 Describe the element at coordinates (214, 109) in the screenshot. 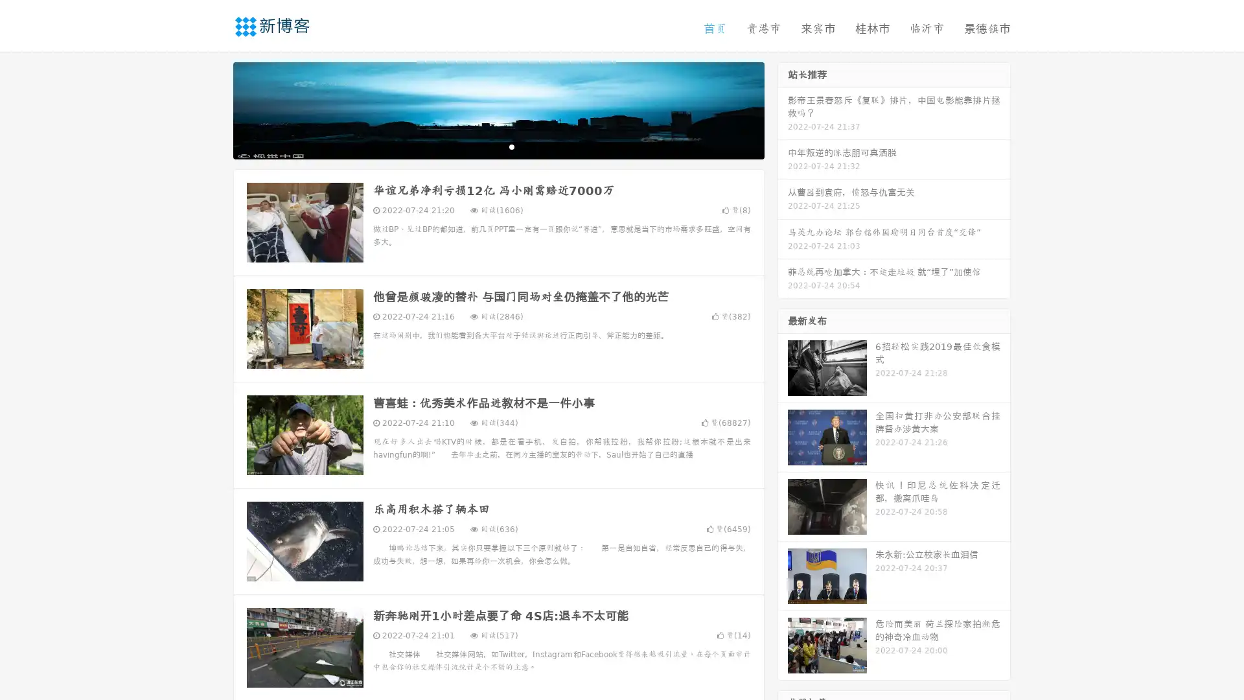

I see `Previous slide` at that location.